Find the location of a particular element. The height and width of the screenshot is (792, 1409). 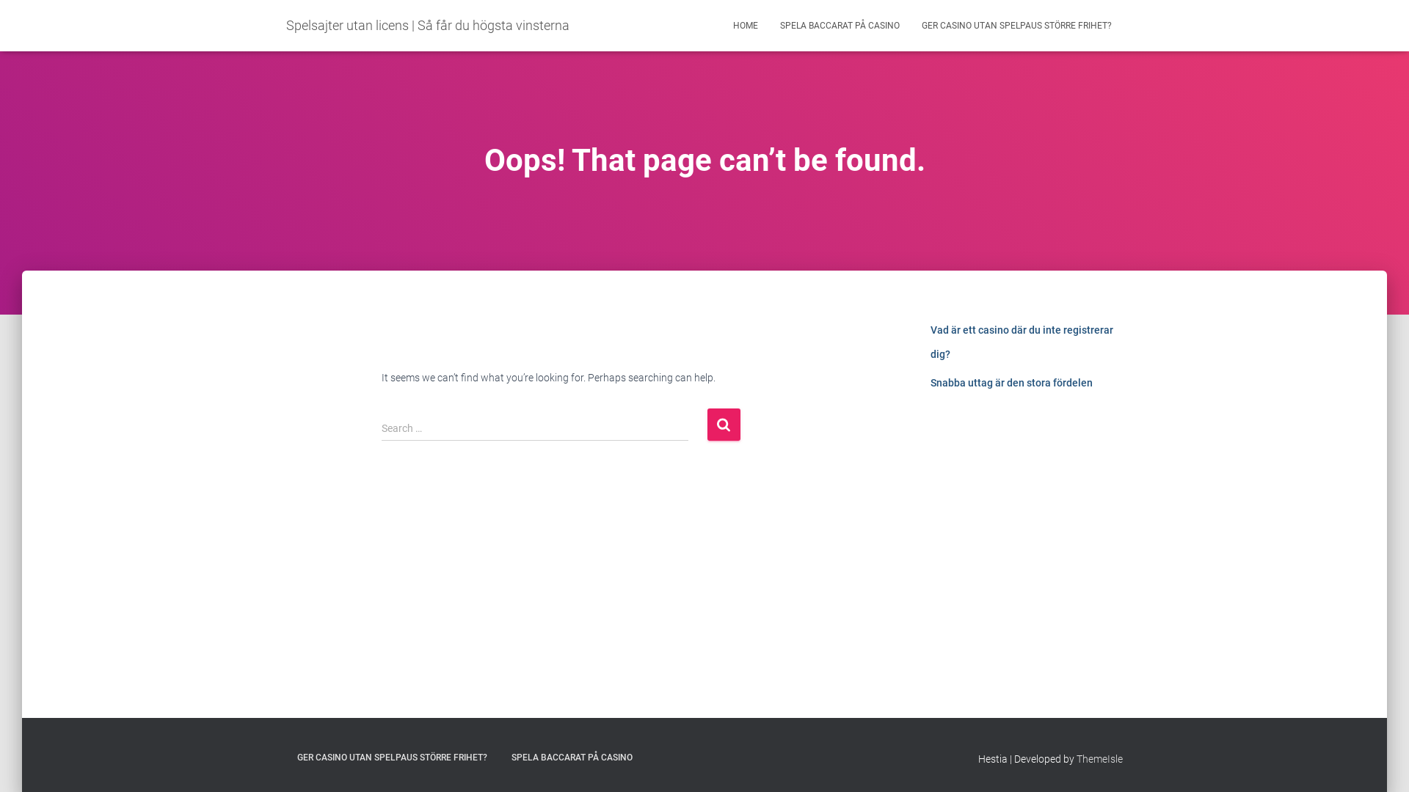

'ThemeIsle' is located at coordinates (1099, 758).